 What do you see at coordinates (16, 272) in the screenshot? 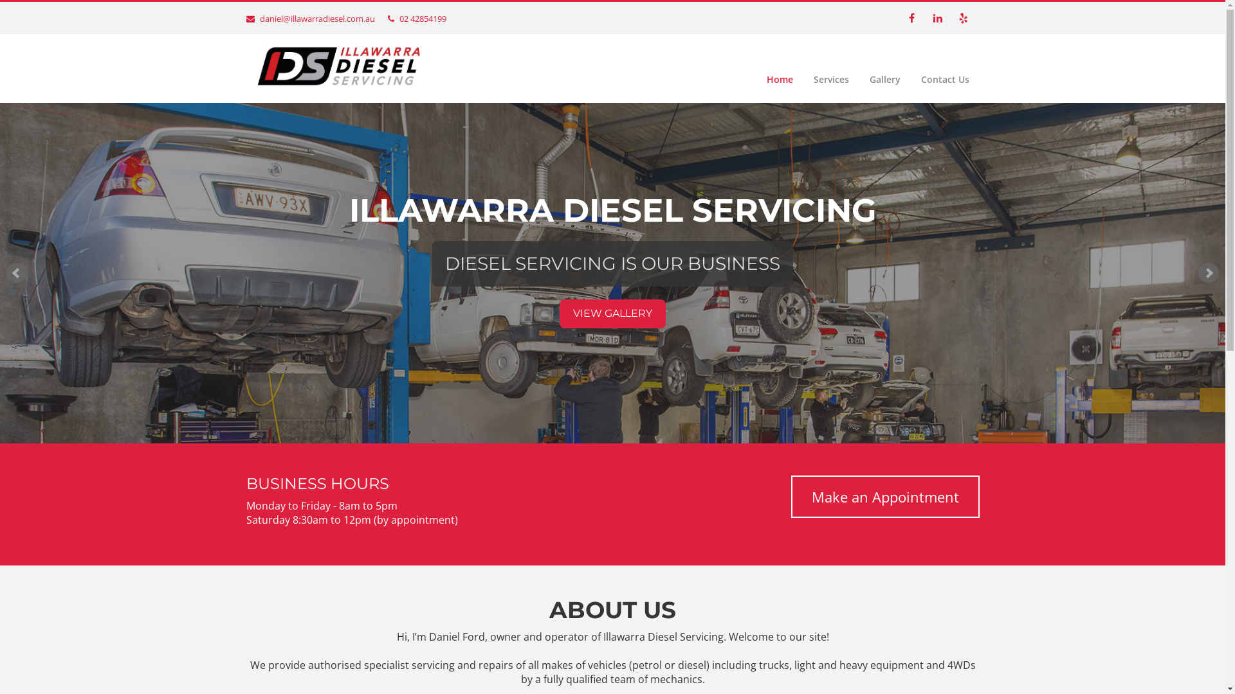
I see `'Prev'` at bounding box center [16, 272].